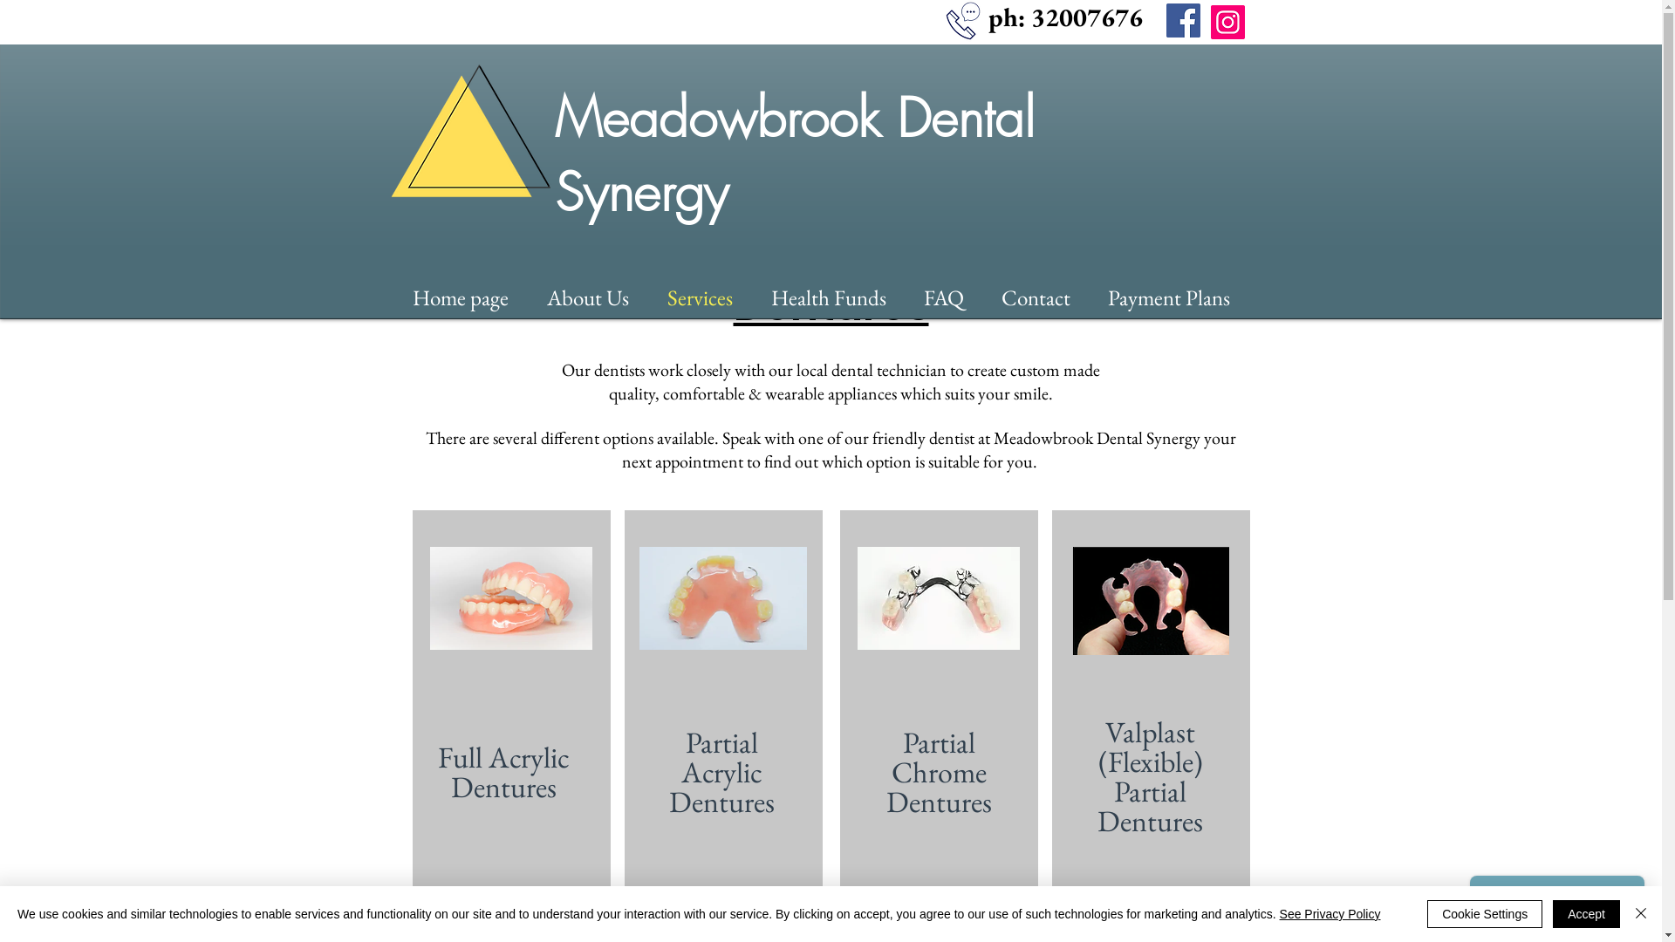 The width and height of the screenshot is (1675, 942). I want to click on 'Services', so click(709, 295).